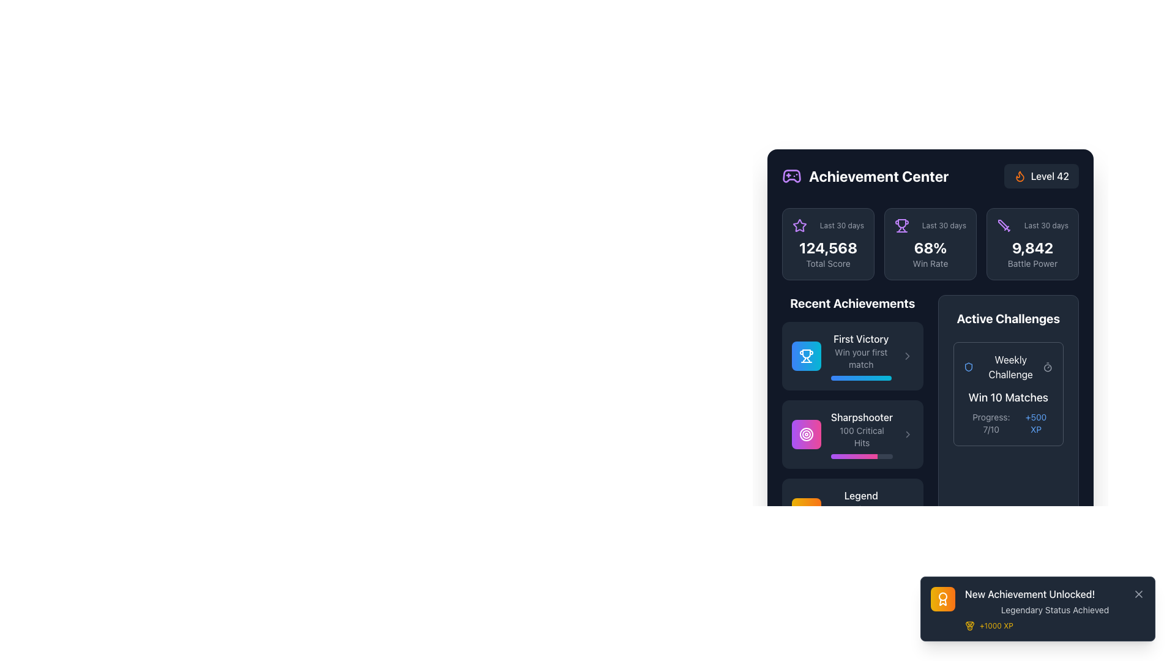 This screenshot has height=661, width=1175. What do you see at coordinates (860, 377) in the screenshot?
I see `the progress bar located at the bottom of the 'First Victory' card in the 'Recent Achievements' section, which visually represents the completion of the 'First Victory' achievement` at bounding box center [860, 377].